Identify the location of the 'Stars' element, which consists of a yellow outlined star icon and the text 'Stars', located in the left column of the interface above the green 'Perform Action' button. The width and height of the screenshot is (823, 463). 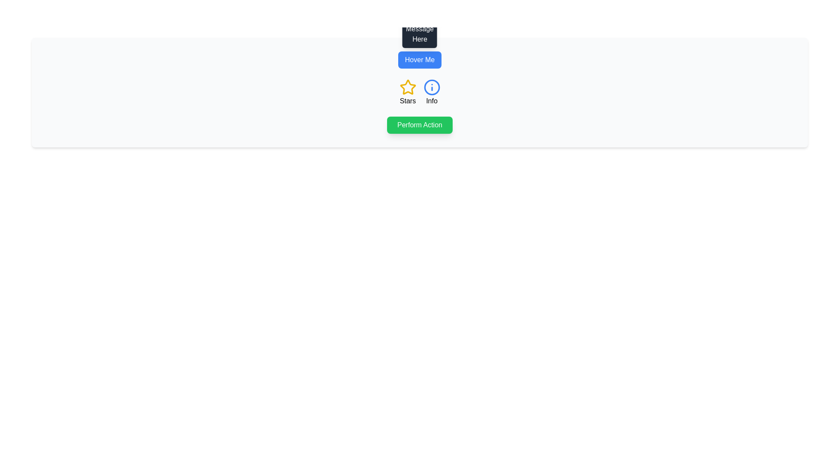
(407, 93).